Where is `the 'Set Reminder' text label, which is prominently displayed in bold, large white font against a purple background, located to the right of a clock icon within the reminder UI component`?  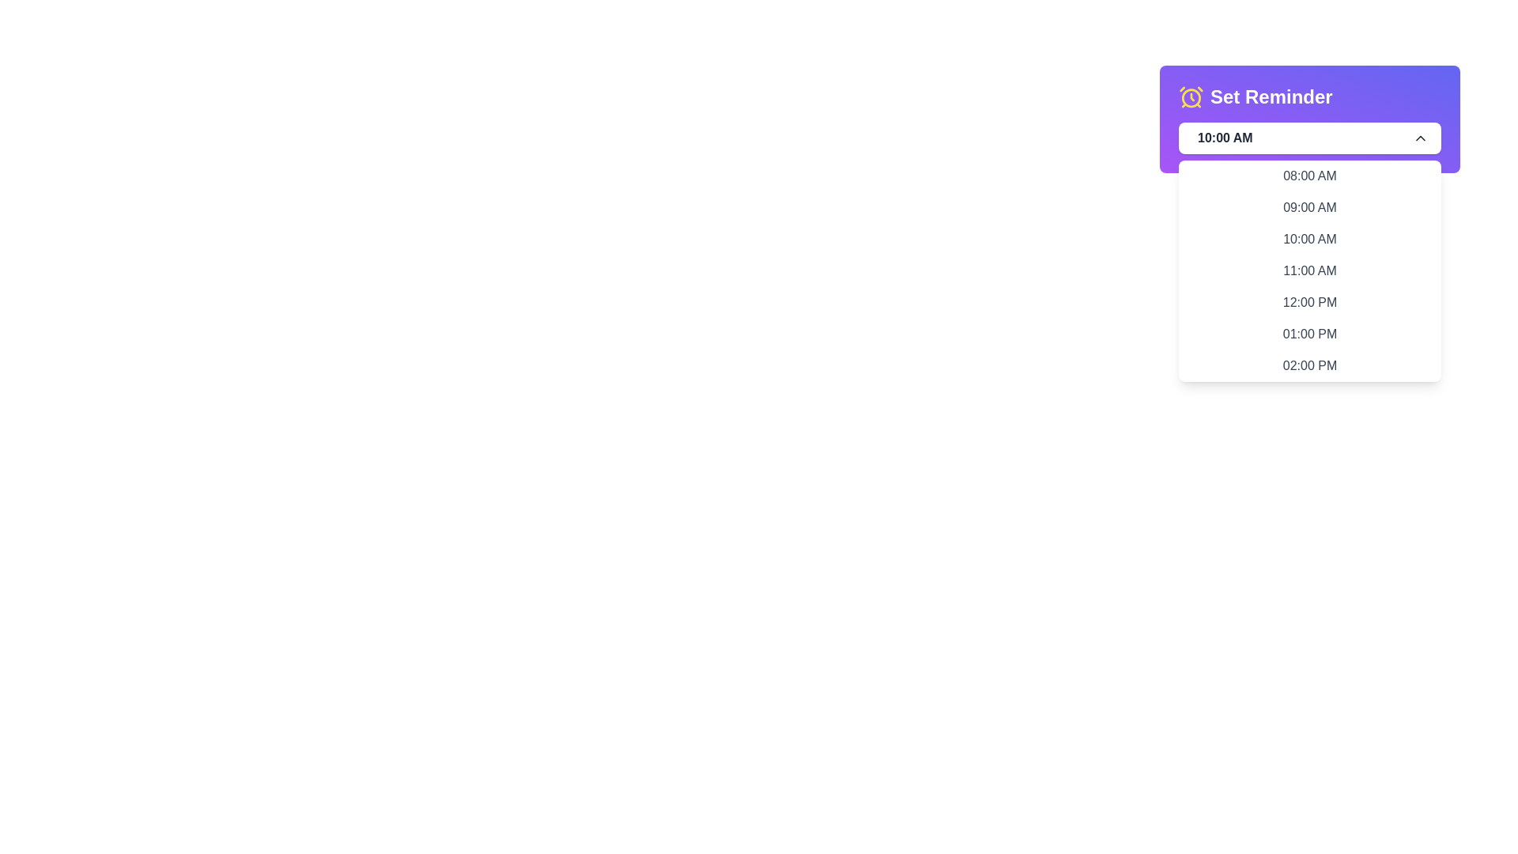 the 'Set Reminder' text label, which is prominently displayed in bold, large white font against a purple background, located to the right of a clock icon within the reminder UI component is located at coordinates (1271, 97).